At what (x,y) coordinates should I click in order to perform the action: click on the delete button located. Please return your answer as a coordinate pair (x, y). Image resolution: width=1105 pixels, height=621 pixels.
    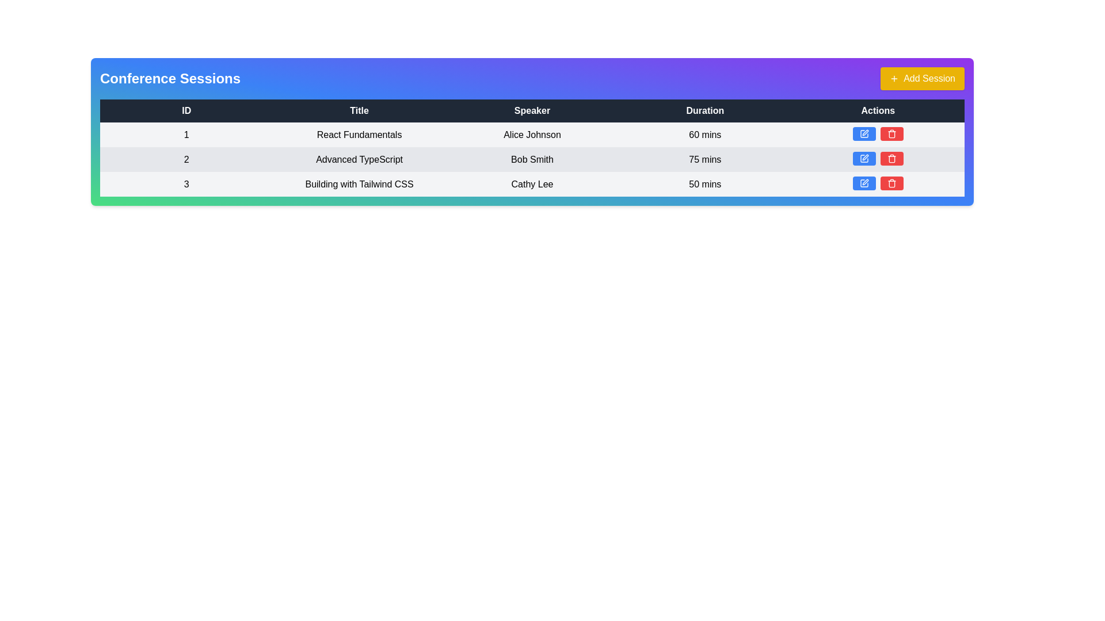
    Looking at the image, I should click on (891, 159).